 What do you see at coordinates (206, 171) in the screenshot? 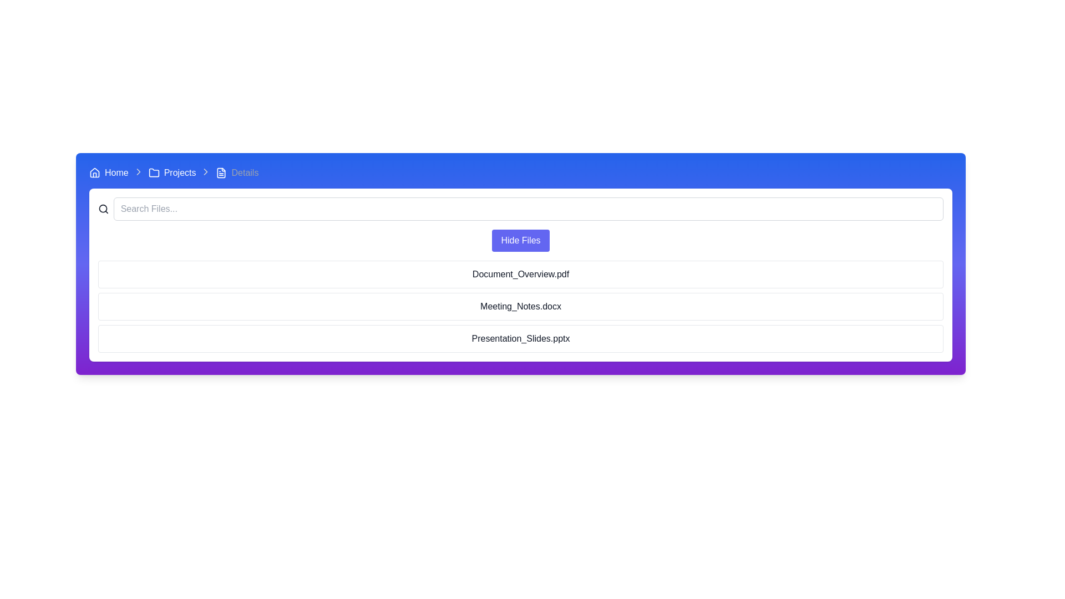
I see `the chevron icon in the navigation breadcrumb bar that indicates navigation context between 'Projects' and 'Details'` at bounding box center [206, 171].